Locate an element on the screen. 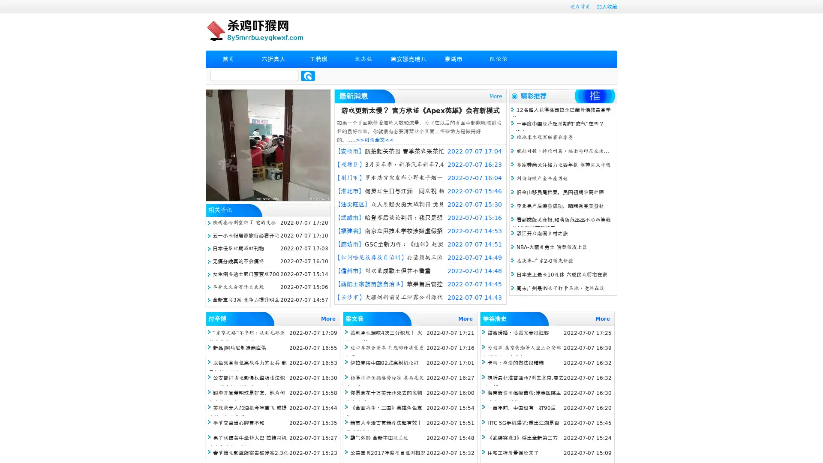 The height and width of the screenshot is (463, 823). Search is located at coordinates (308, 75).